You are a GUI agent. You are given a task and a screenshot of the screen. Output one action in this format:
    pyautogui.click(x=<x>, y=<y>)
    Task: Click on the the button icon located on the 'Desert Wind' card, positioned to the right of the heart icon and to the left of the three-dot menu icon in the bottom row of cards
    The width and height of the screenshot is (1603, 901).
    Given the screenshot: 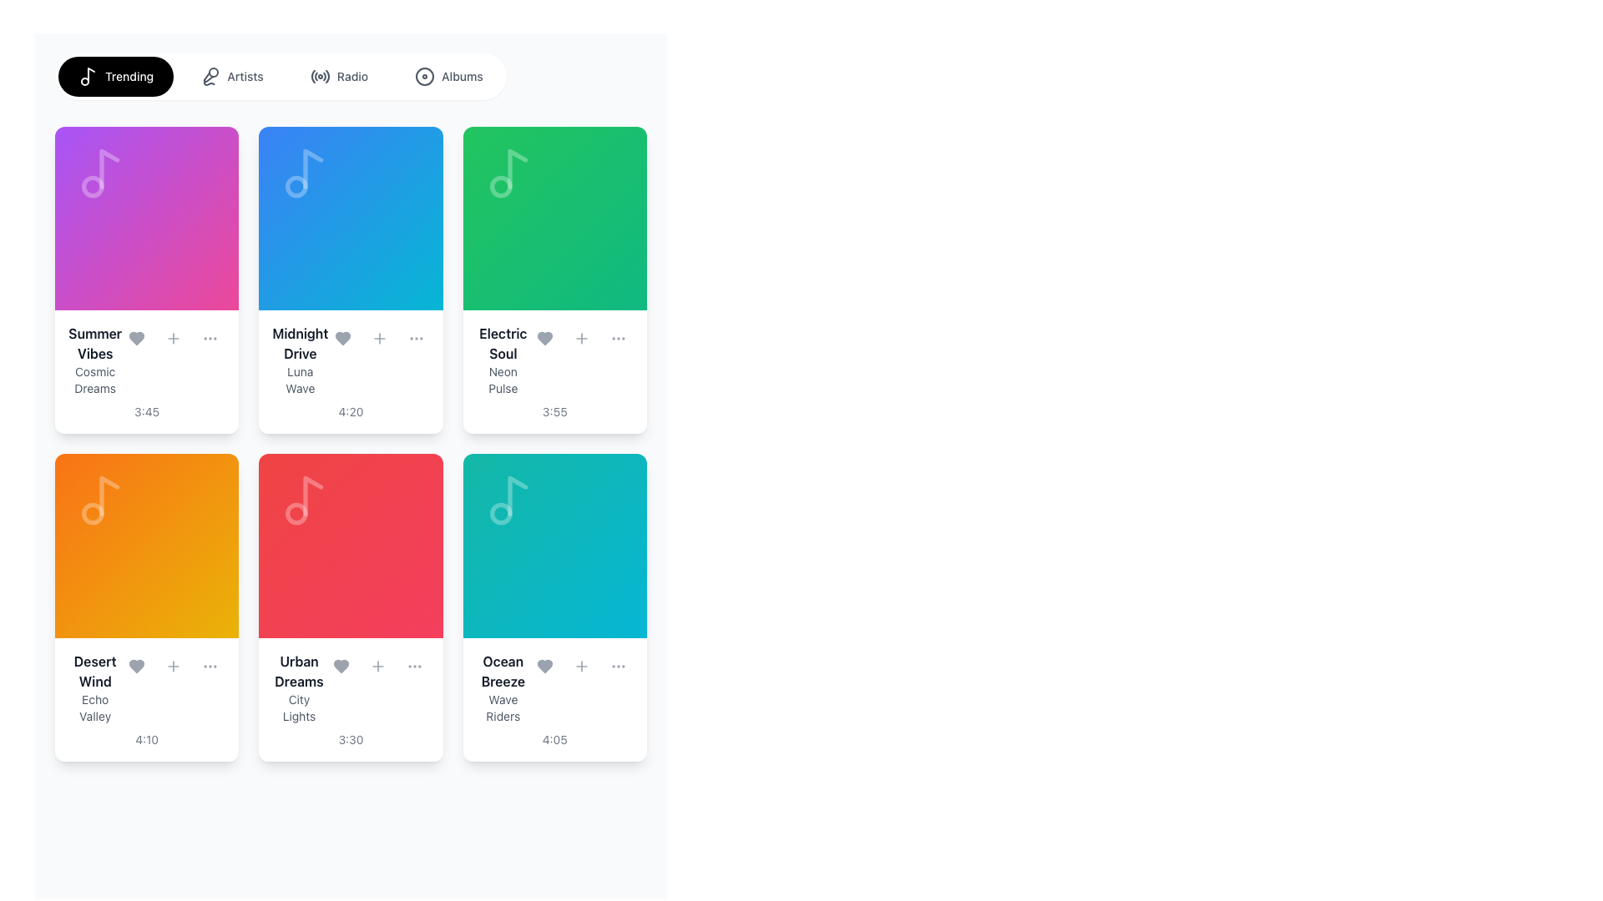 What is the action you would take?
    pyautogui.click(x=174, y=665)
    